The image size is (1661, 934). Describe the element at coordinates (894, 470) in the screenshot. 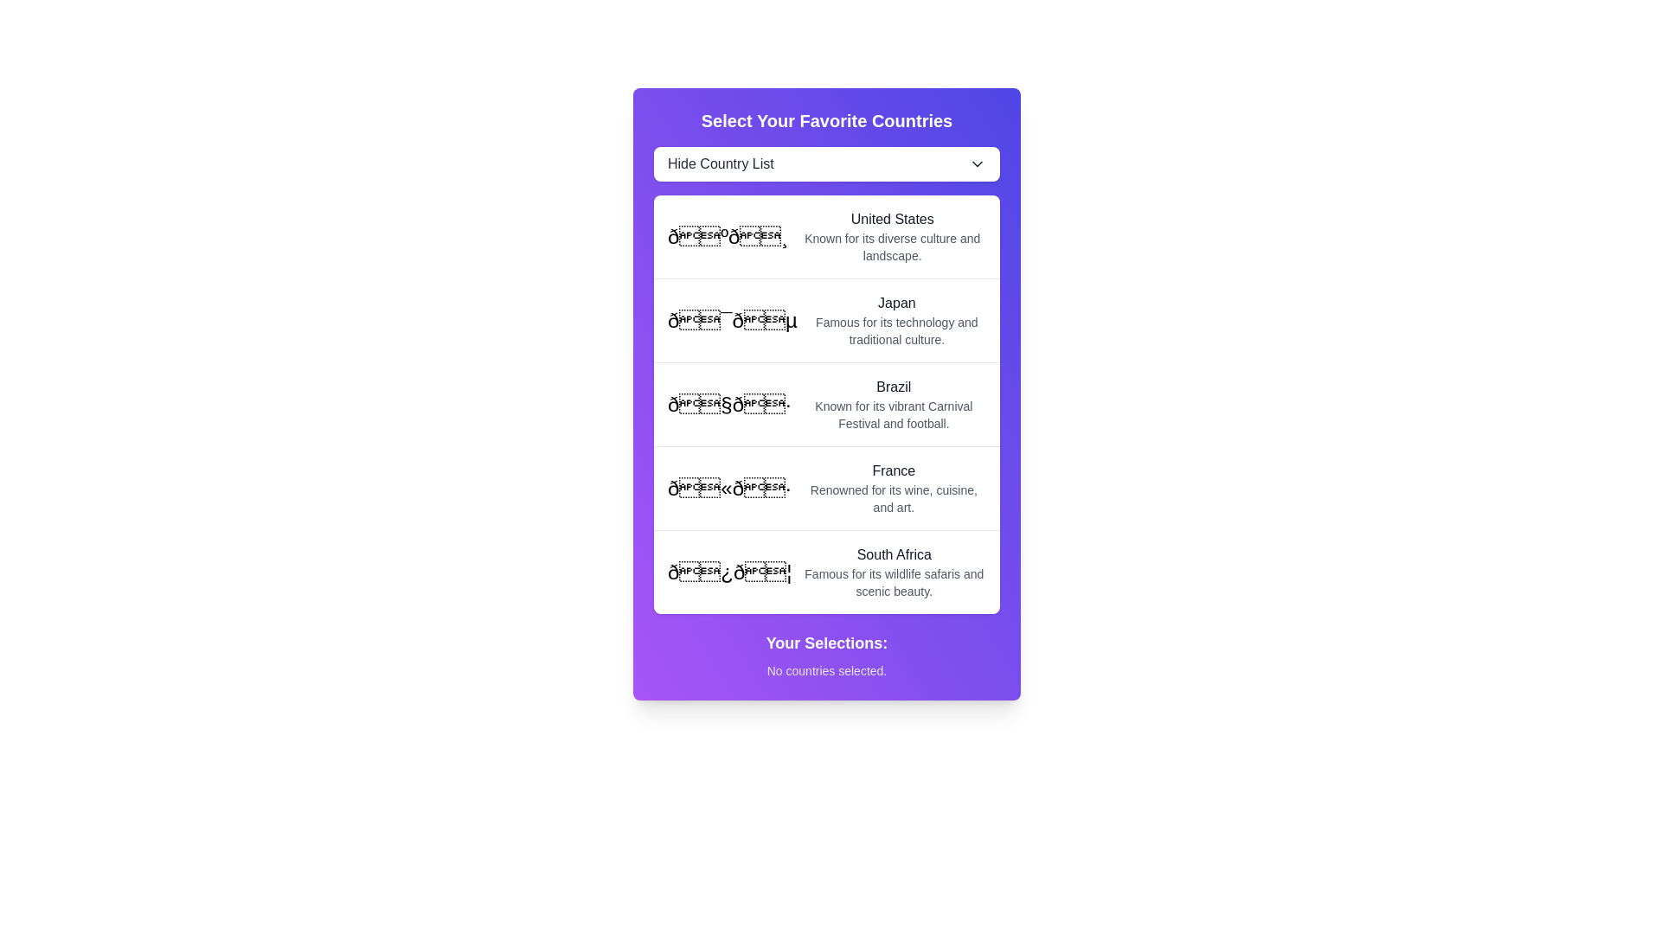

I see `text label displaying 'France', which is the title of the fourth list item in a structured list of countries, located above the description 'Renowned for its wine, cuisine, and art.'` at that location.